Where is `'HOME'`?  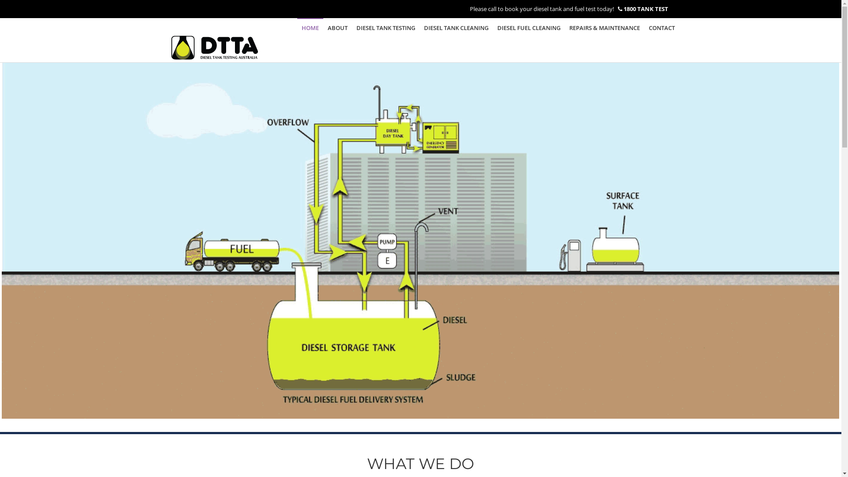 'HOME' is located at coordinates (310, 27).